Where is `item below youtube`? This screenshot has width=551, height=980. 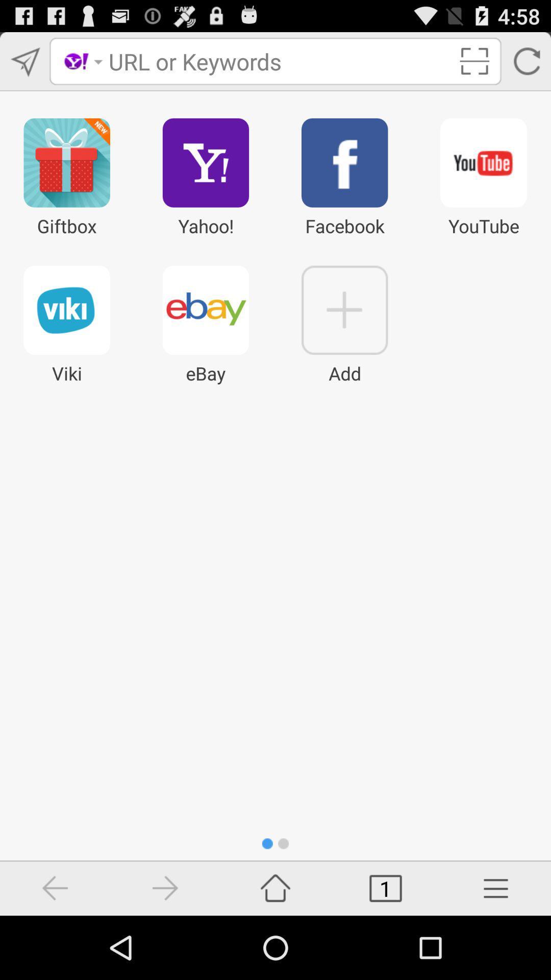
item below youtube is located at coordinates (495, 888).